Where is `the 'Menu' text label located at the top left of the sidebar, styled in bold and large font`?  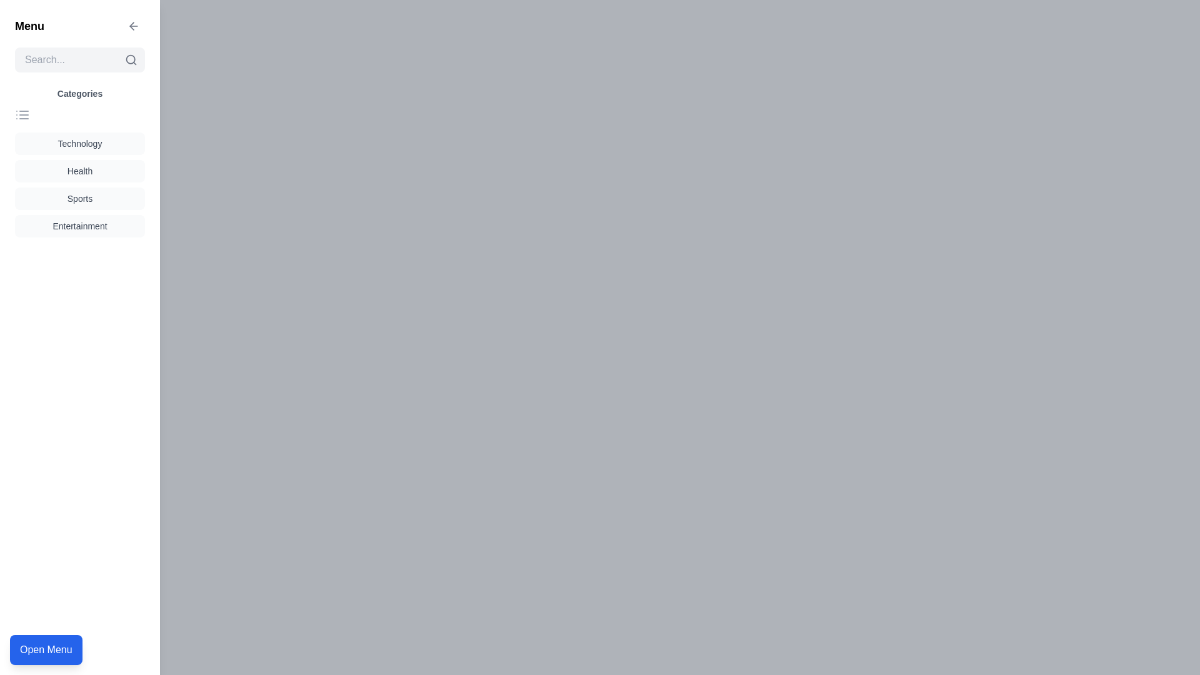
the 'Menu' text label located at the top left of the sidebar, styled in bold and large font is located at coordinates (29, 26).